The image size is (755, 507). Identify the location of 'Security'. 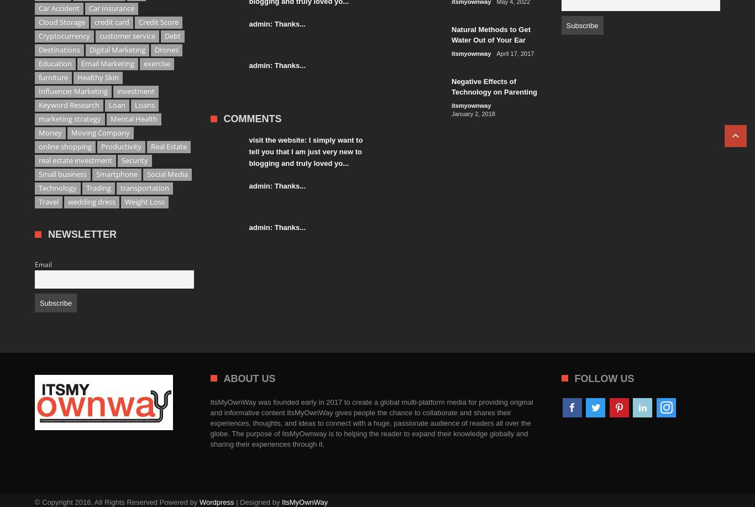
(134, 160).